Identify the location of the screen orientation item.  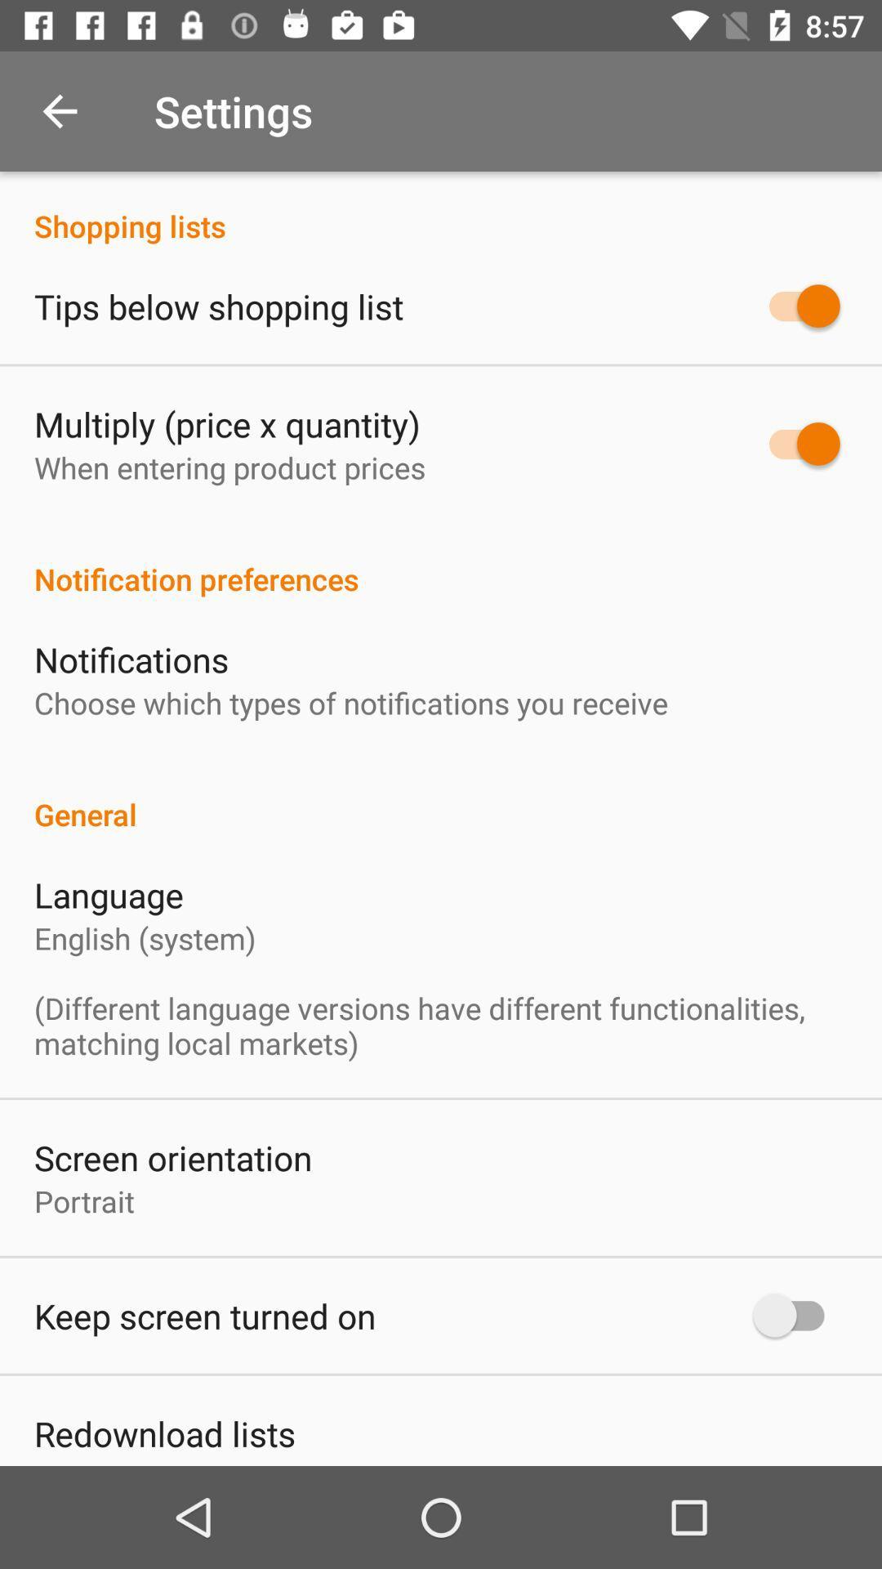
(173, 1156).